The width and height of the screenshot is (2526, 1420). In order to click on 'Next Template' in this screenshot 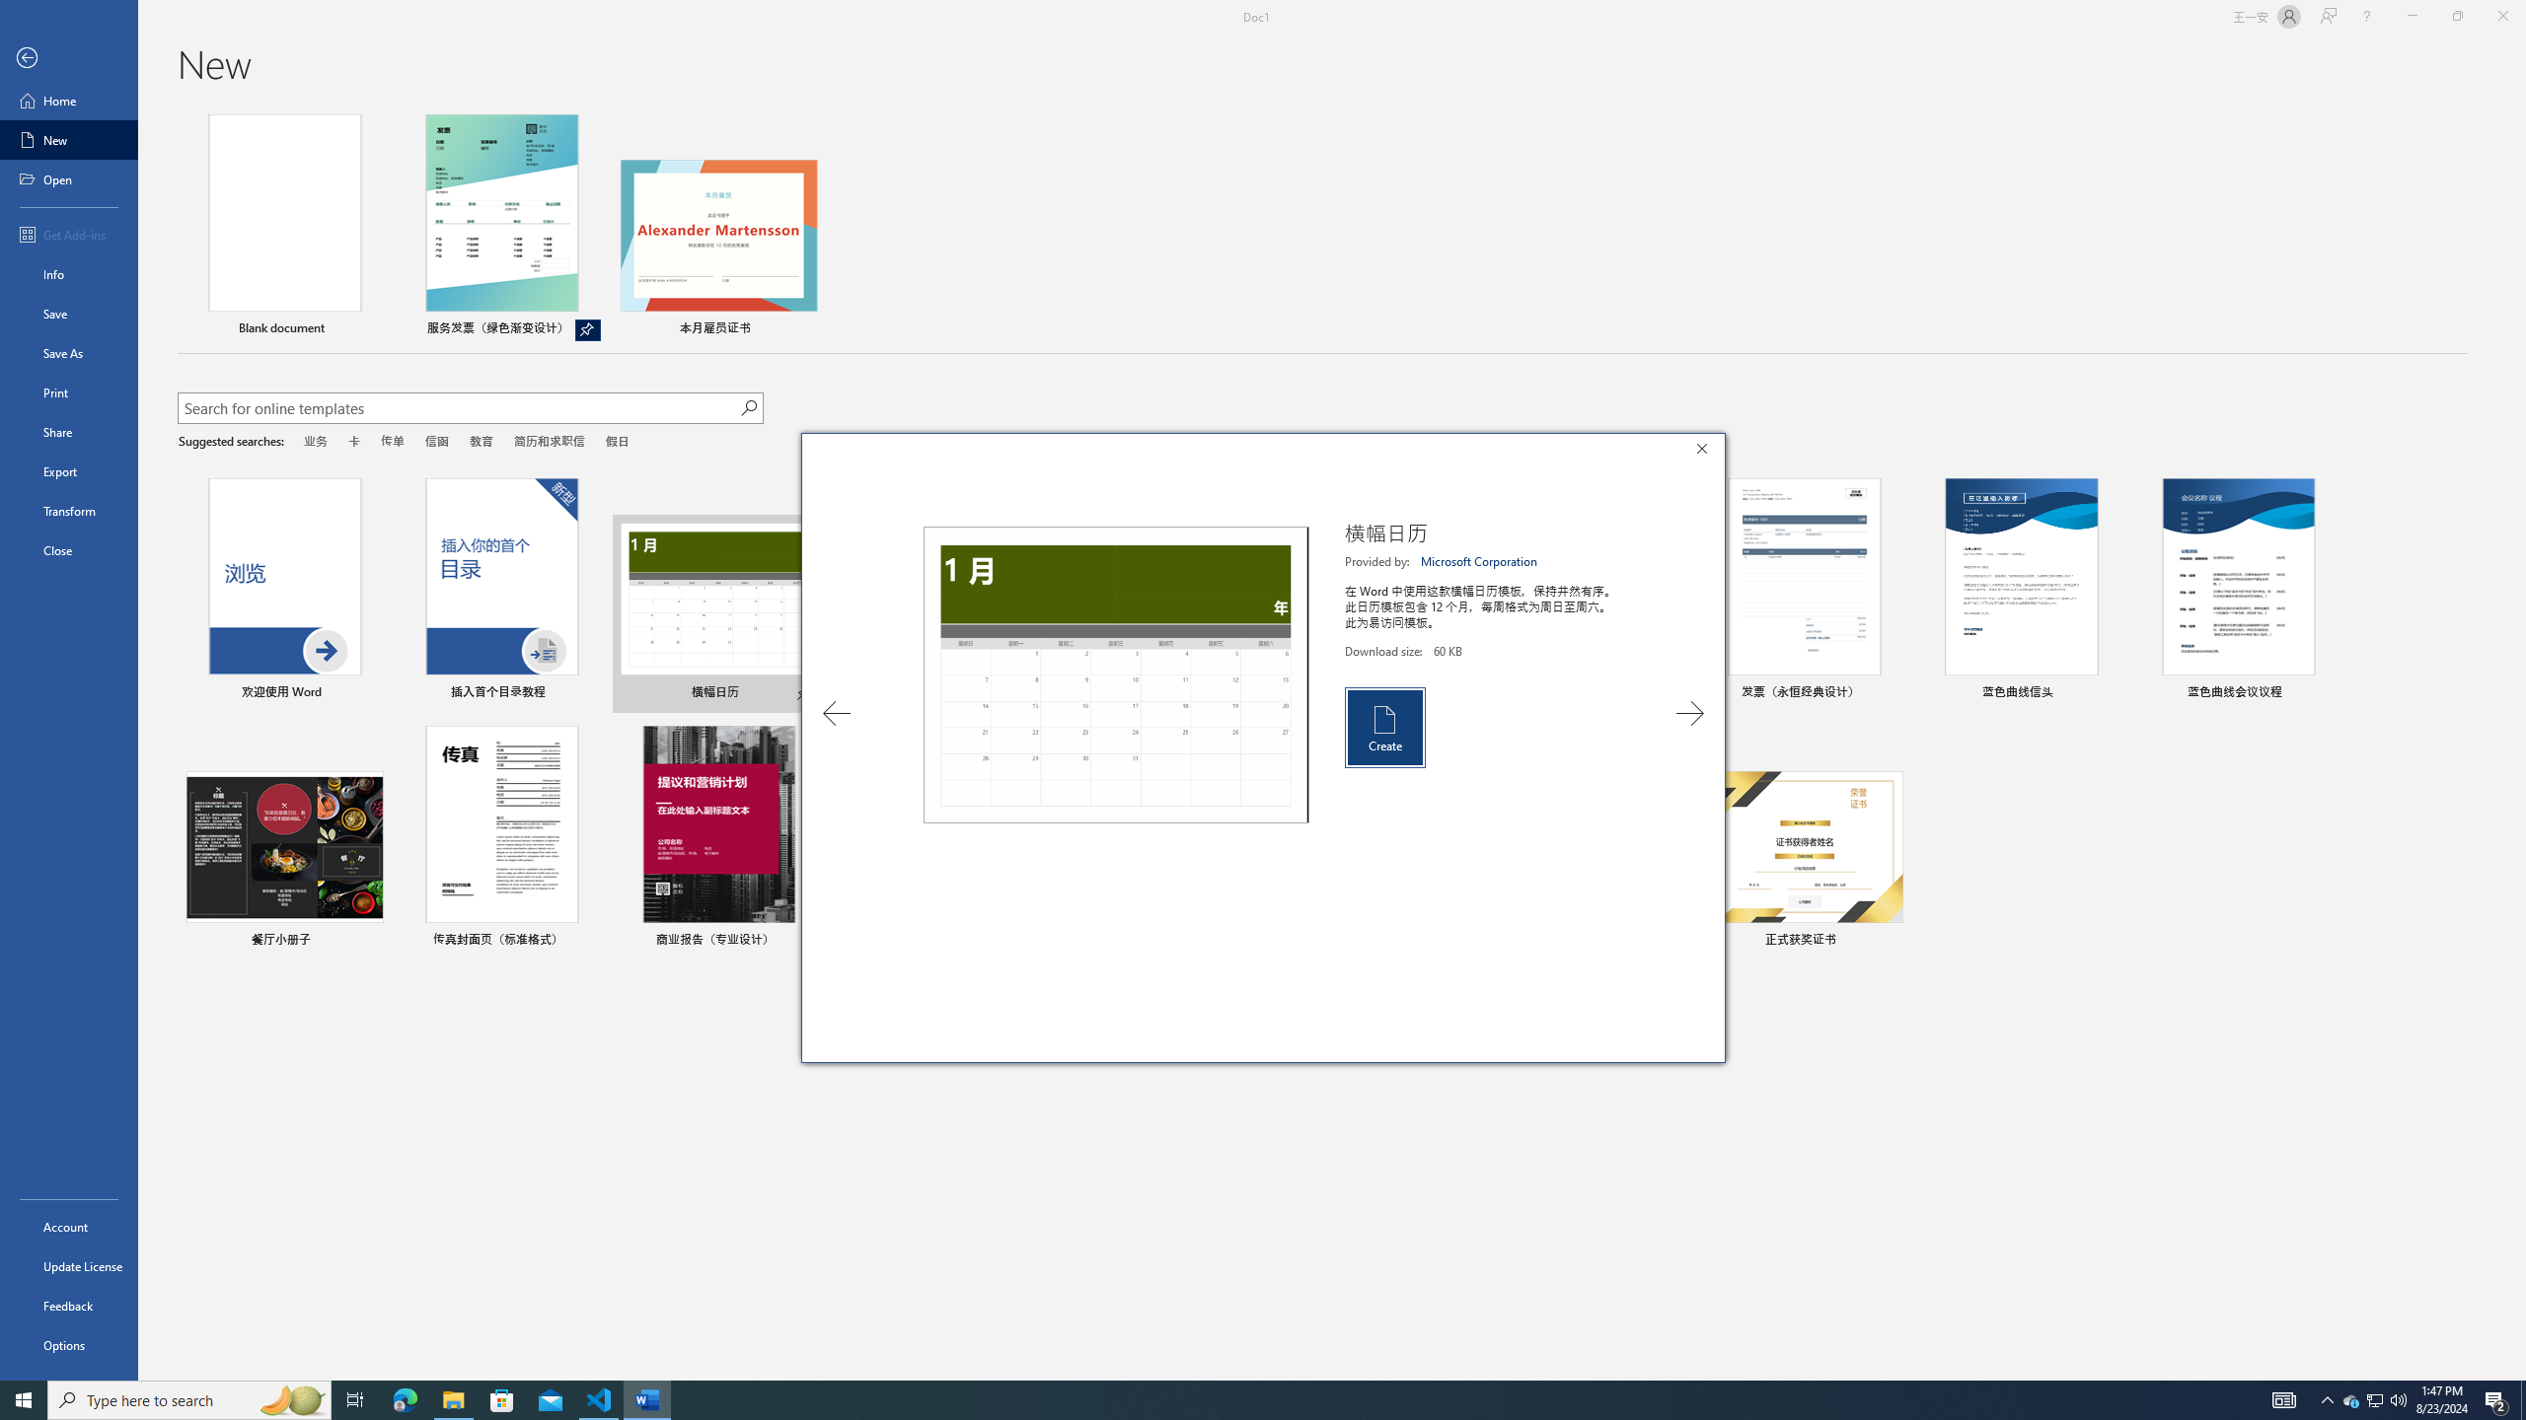, I will do `click(1689, 713)`.